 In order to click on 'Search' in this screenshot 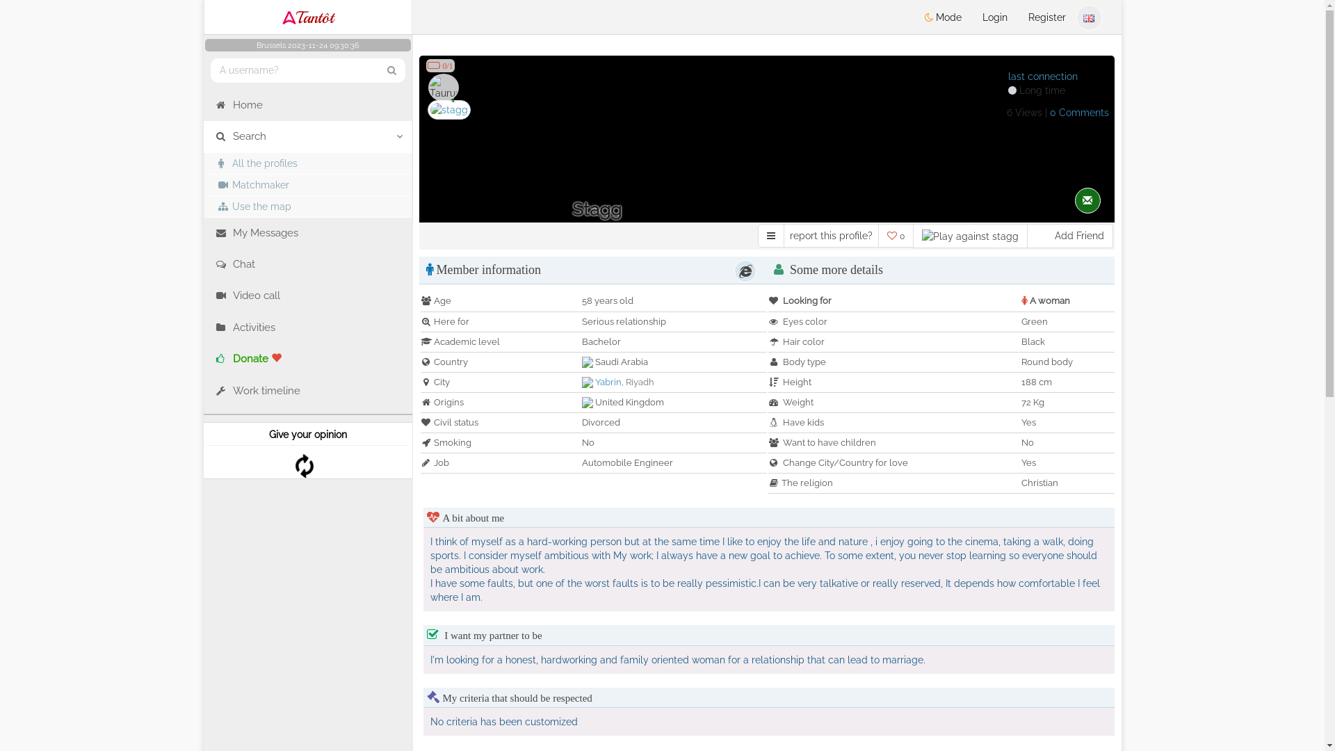, I will do `click(306, 136)`.